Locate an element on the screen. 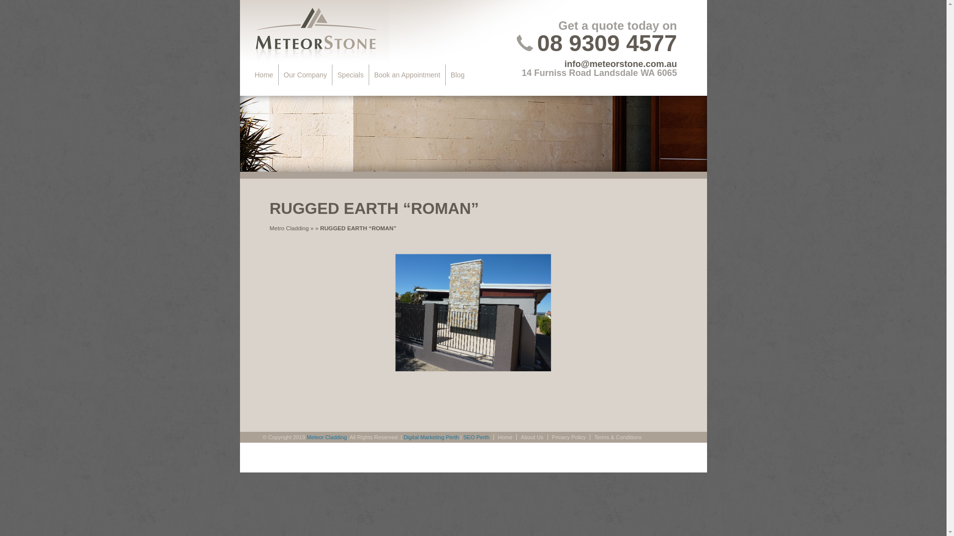 This screenshot has height=536, width=954. 'Our Company' is located at coordinates (278, 74).